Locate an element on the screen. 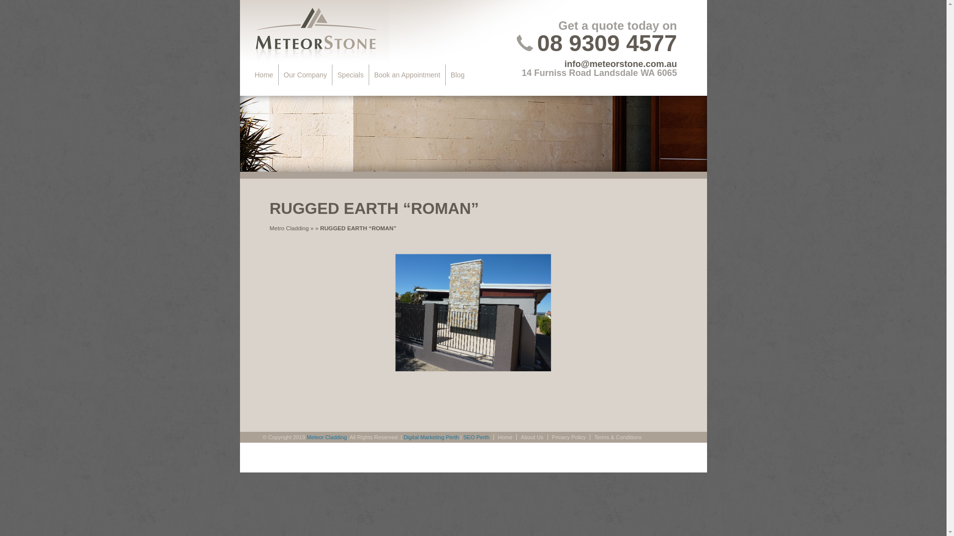 This screenshot has height=536, width=954. 'Our Company' is located at coordinates (278, 74).